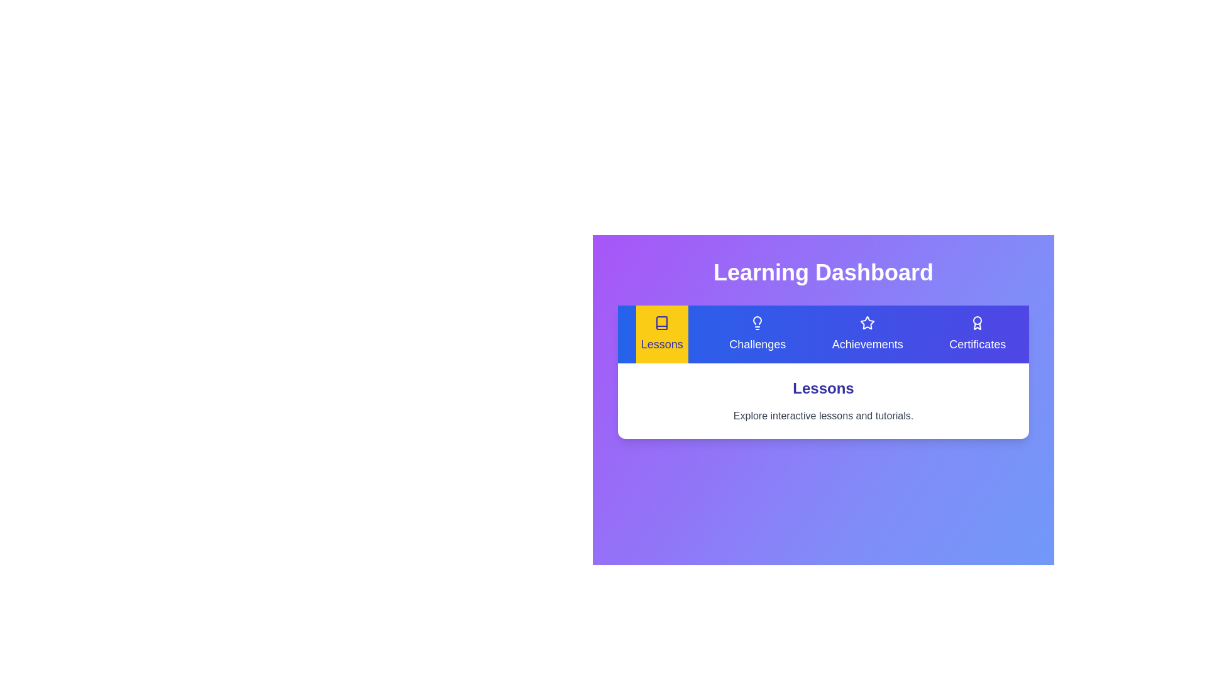 Image resolution: width=1207 pixels, height=679 pixels. I want to click on the icon of the tab labeled Lessons, so click(661, 322).